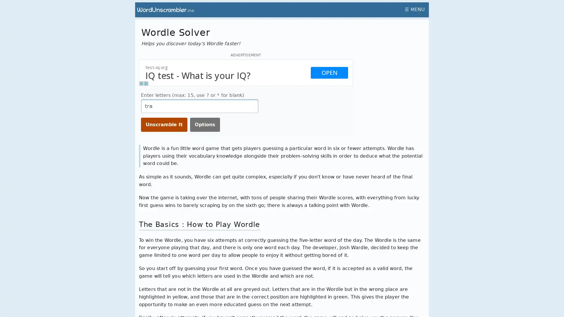  What do you see at coordinates (164, 124) in the screenshot?
I see `Unscramble It` at bounding box center [164, 124].